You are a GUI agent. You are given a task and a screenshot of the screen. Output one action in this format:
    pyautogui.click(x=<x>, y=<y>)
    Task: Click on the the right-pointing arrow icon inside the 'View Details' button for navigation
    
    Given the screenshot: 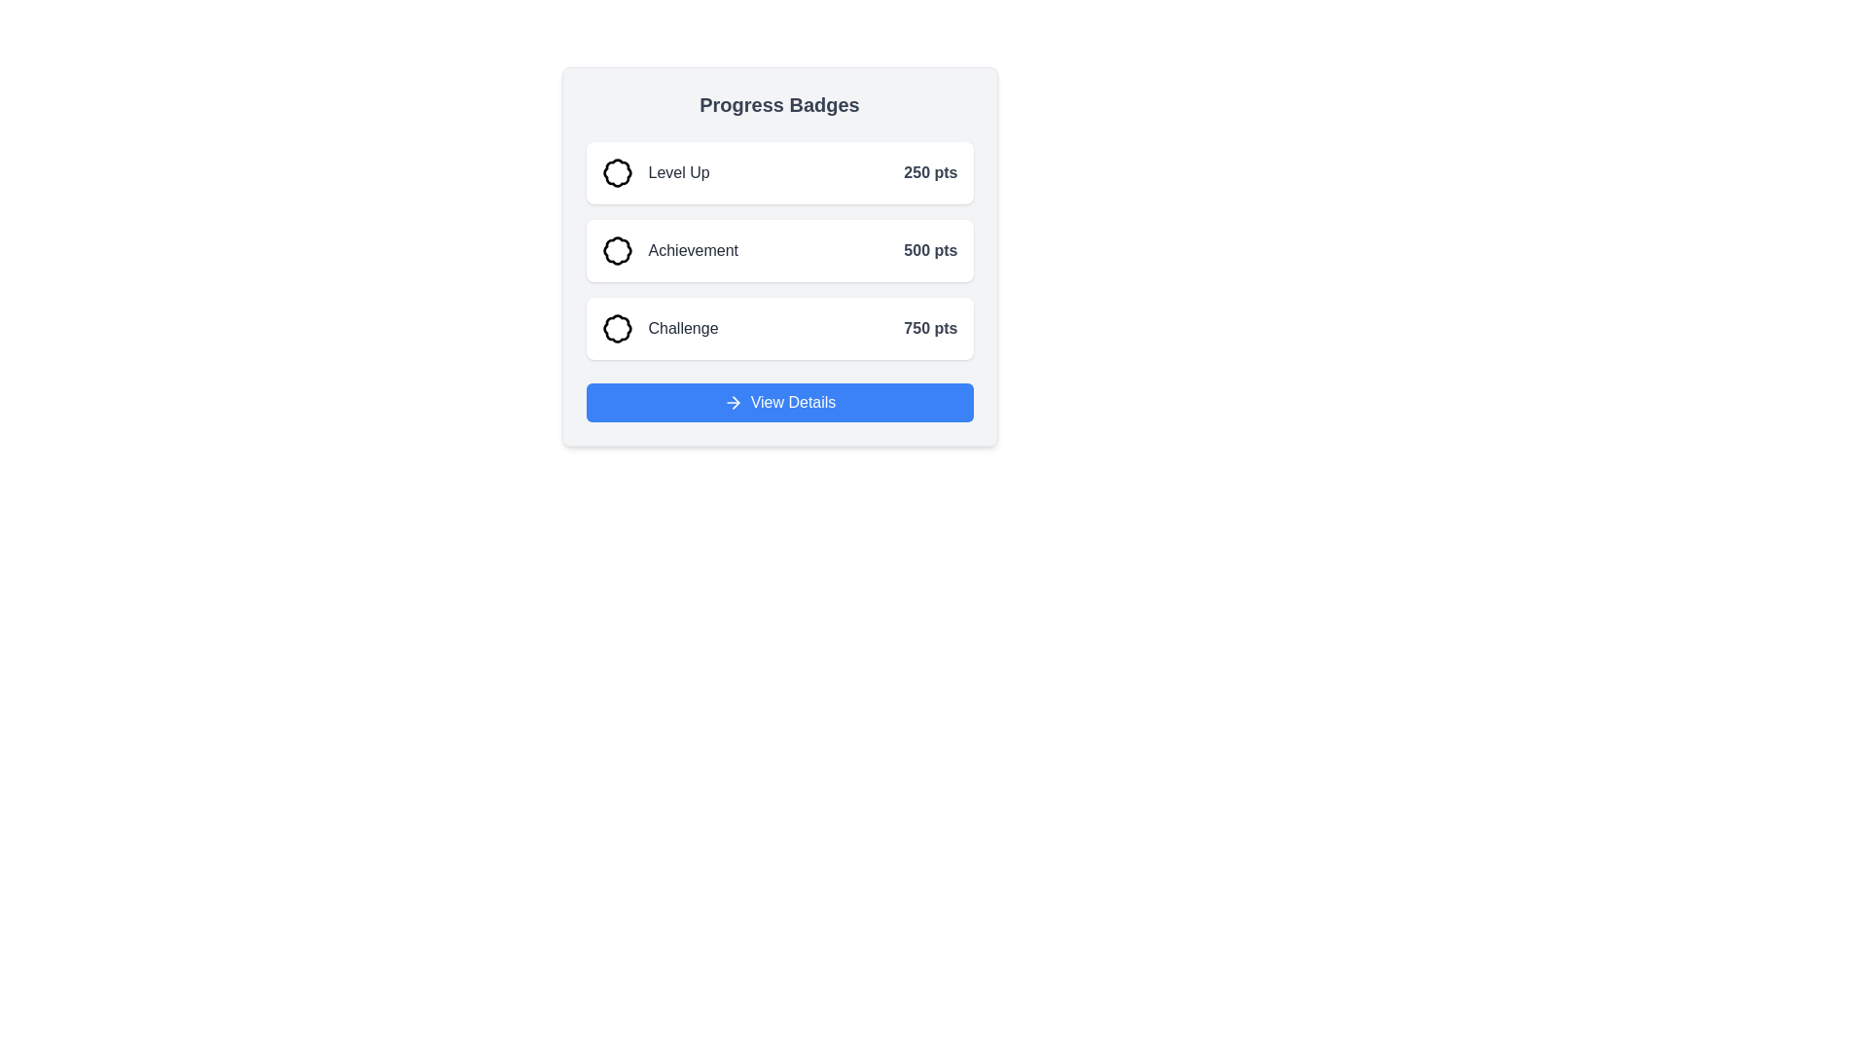 What is the action you would take?
    pyautogui.click(x=735, y=401)
    